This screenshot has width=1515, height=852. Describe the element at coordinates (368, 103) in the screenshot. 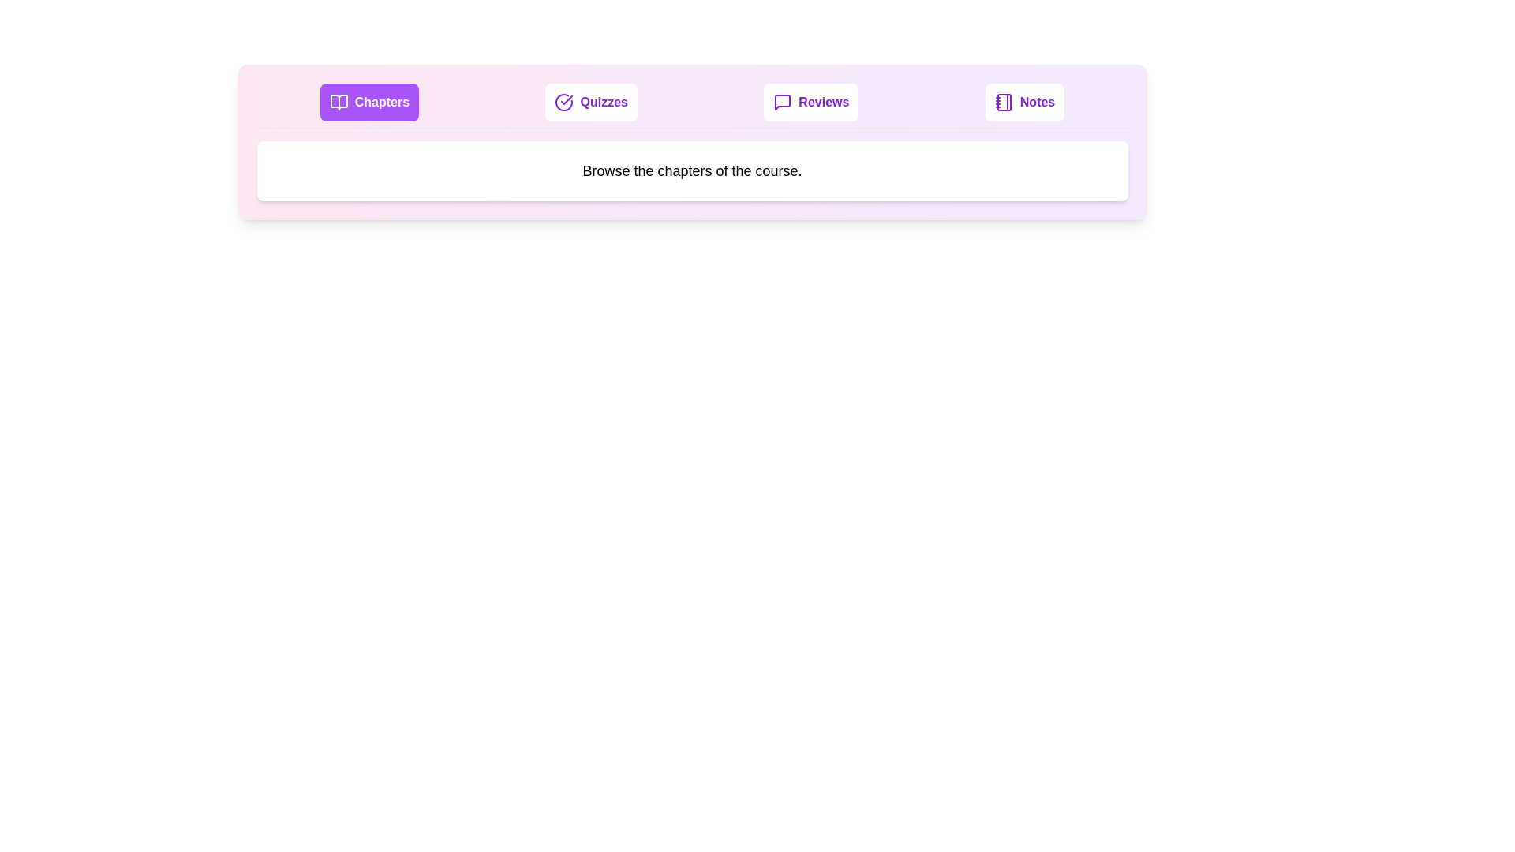

I see `the Chapters tab` at that location.